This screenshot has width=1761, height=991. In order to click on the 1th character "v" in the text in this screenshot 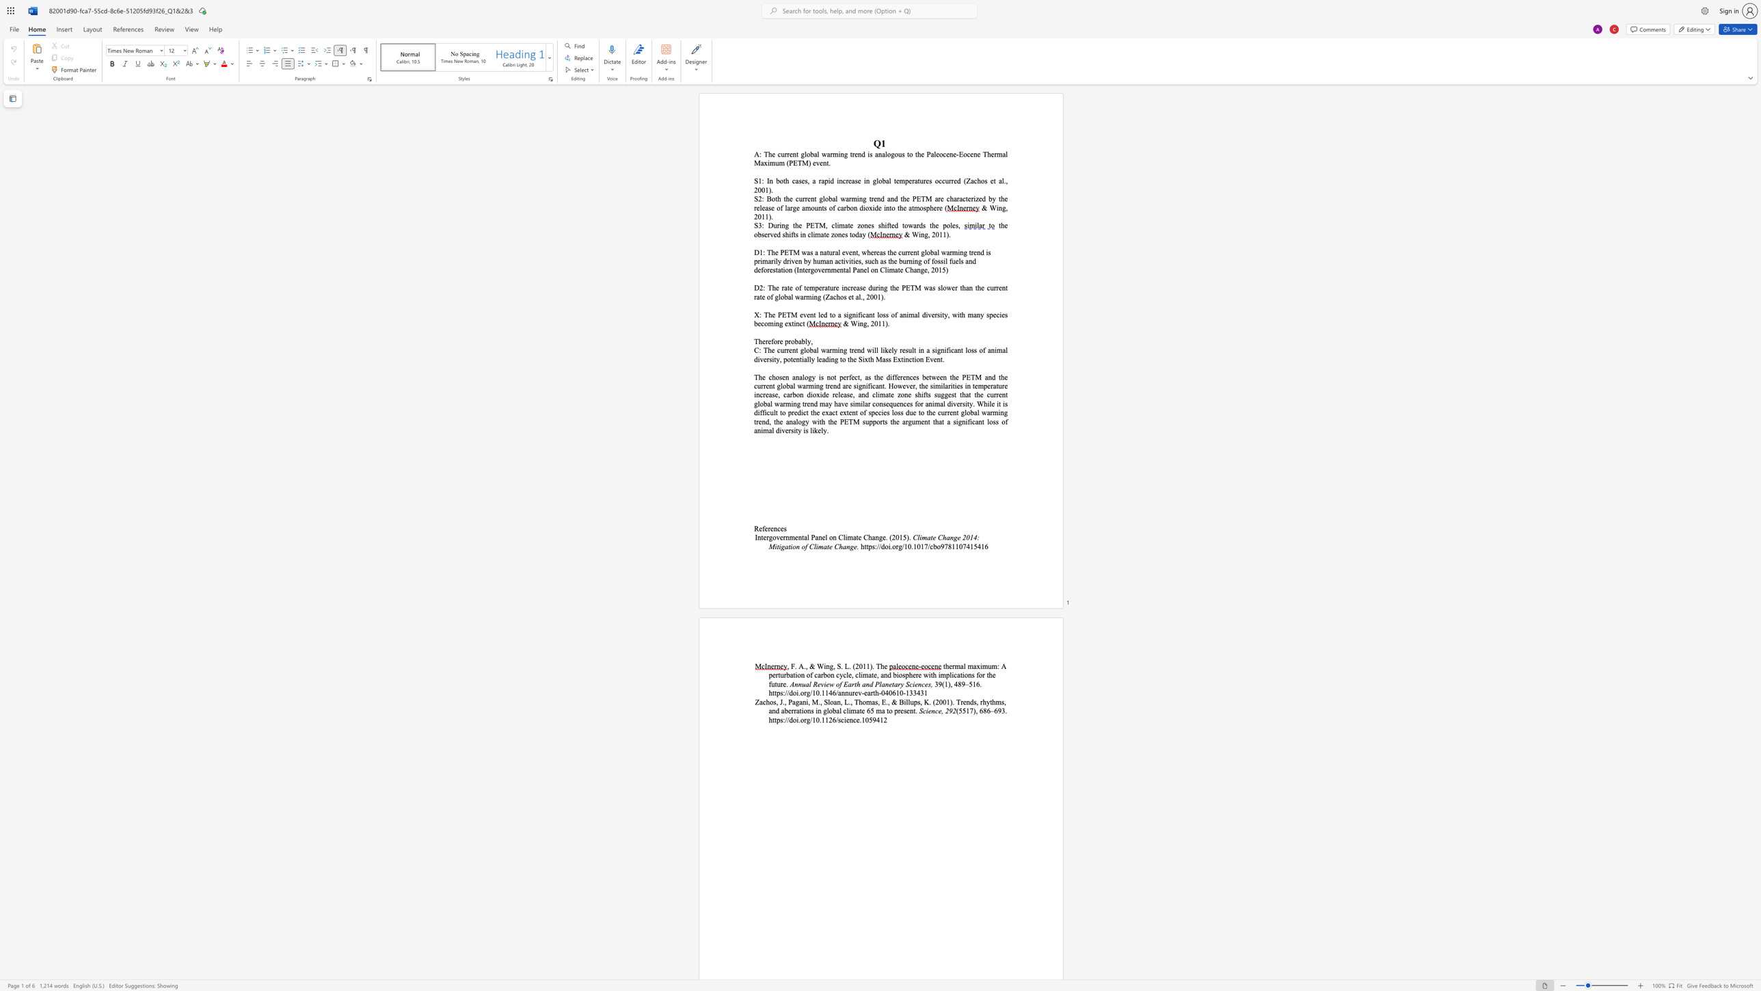, I will do `click(846, 252)`.